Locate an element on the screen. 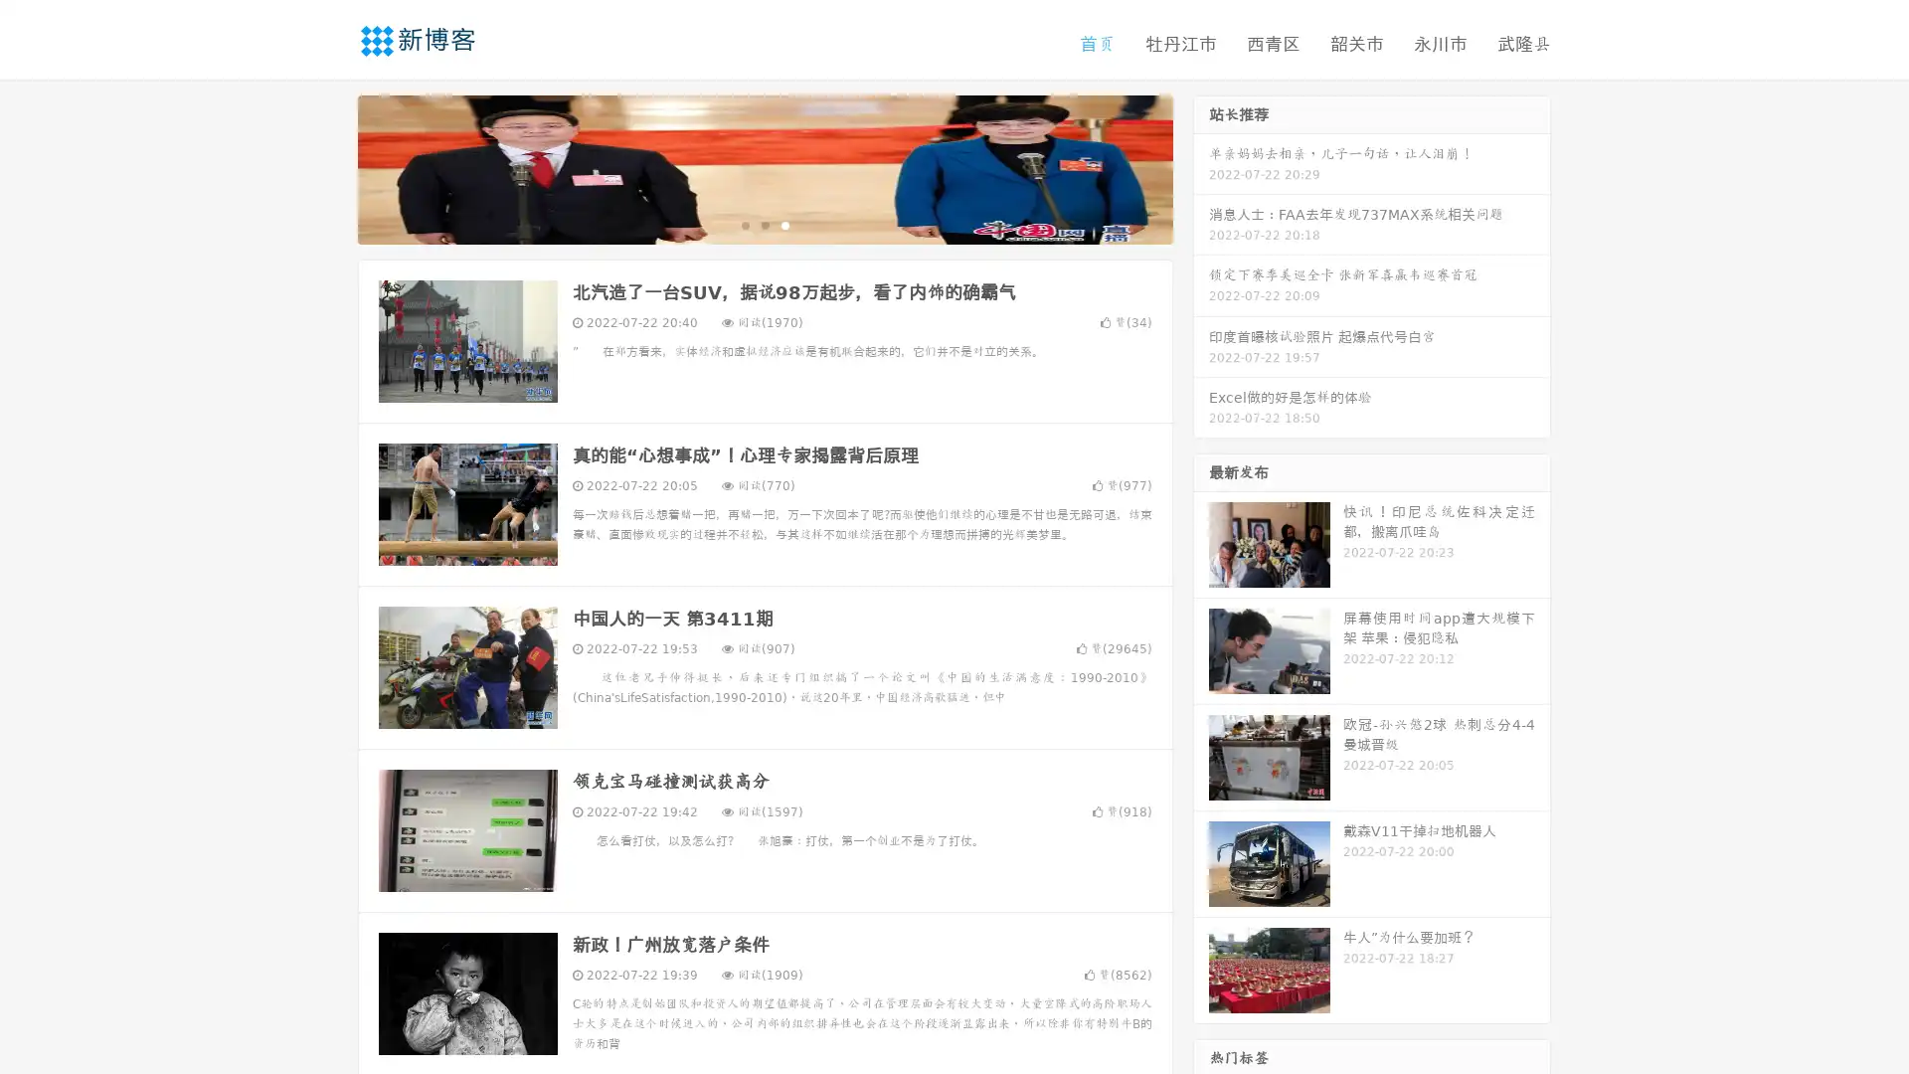 The image size is (1909, 1074). Previous slide is located at coordinates (328, 167).